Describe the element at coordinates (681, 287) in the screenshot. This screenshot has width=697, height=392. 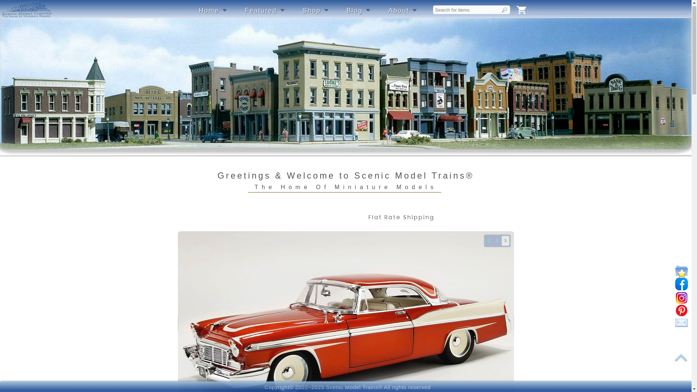
I see `'Visit us on Facebook'` at that location.